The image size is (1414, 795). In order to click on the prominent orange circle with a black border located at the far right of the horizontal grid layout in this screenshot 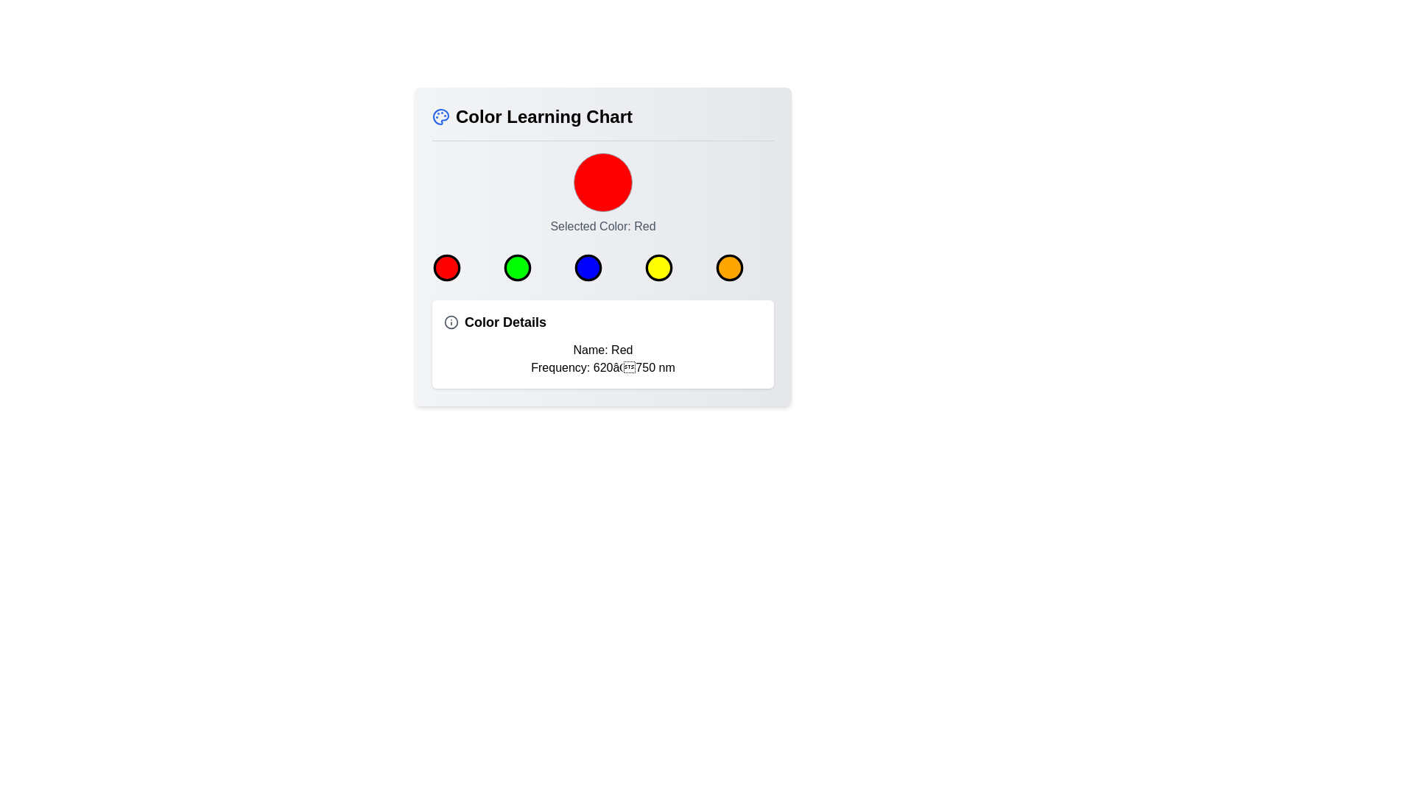, I will do `click(729, 267)`.